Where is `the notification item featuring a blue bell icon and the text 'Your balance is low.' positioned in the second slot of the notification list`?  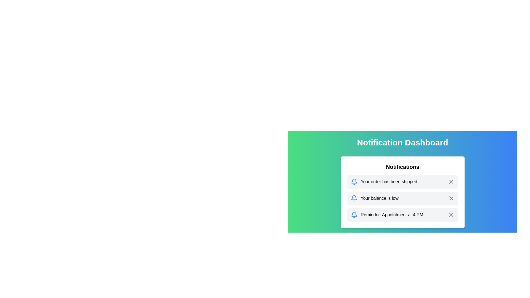
the notification item featuring a blue bell icon and the text 'Your balance is low.' positioned in the second slot of the notification list is located at coordinates (375, 198).